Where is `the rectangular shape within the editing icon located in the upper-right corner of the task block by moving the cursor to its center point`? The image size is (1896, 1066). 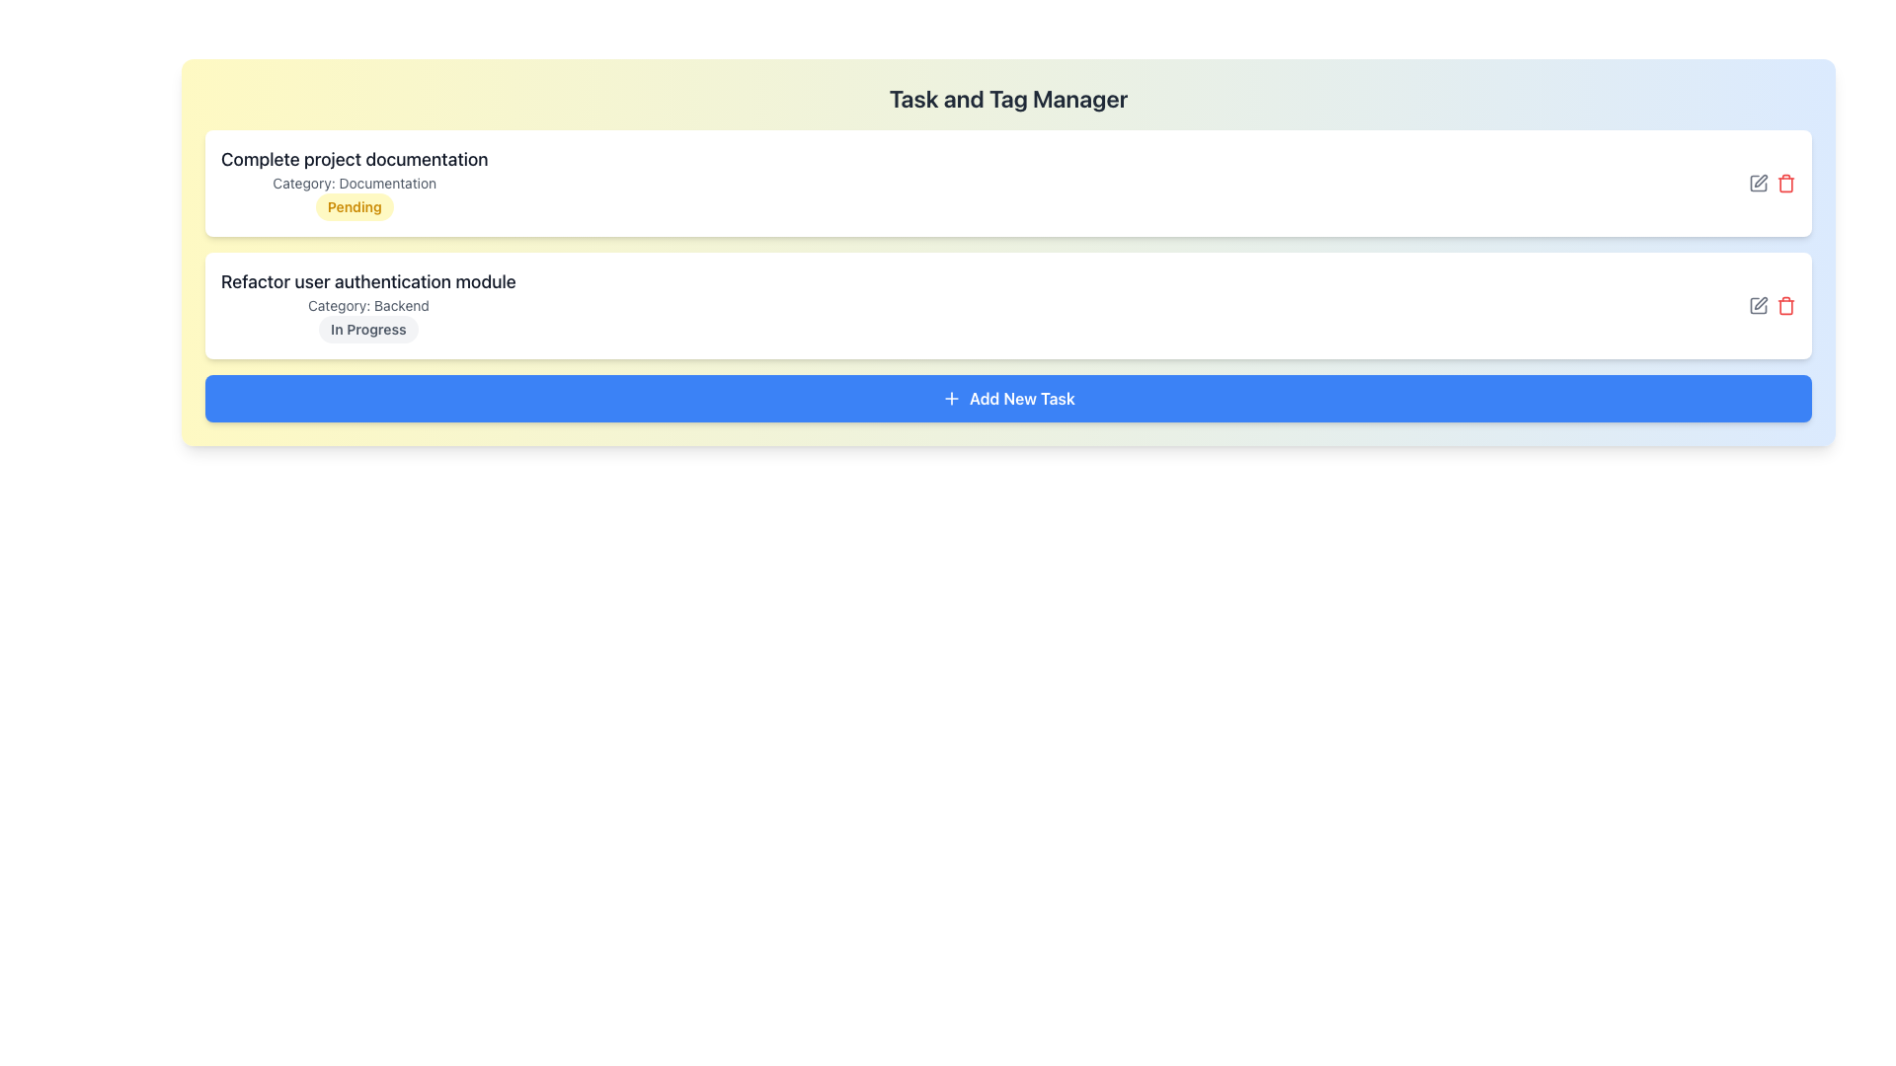 the rectangular shape within the editing icon located in the upper-right corner of the task block by moving the cursor to its center point is located at coordinates (1758, 305).